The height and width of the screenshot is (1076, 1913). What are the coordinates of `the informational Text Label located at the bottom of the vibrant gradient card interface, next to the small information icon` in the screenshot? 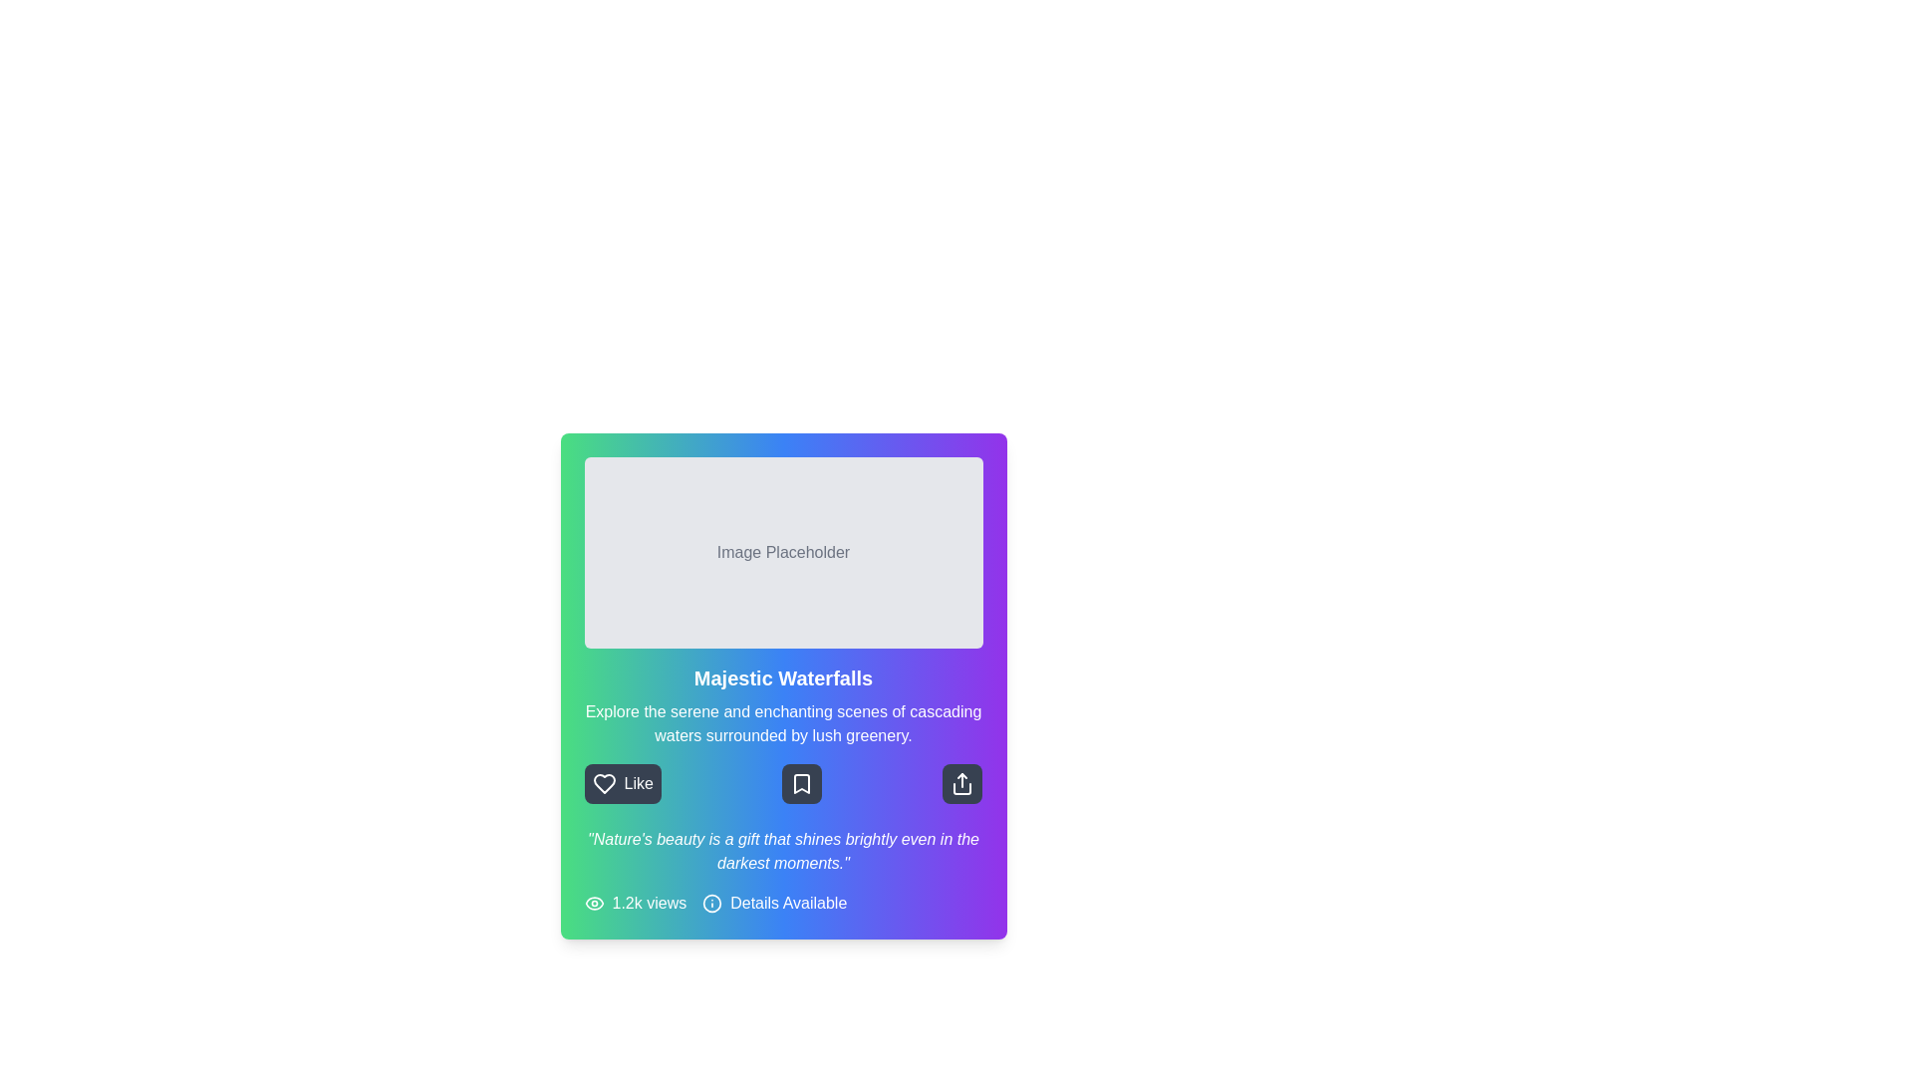 It's located at (787, 903).